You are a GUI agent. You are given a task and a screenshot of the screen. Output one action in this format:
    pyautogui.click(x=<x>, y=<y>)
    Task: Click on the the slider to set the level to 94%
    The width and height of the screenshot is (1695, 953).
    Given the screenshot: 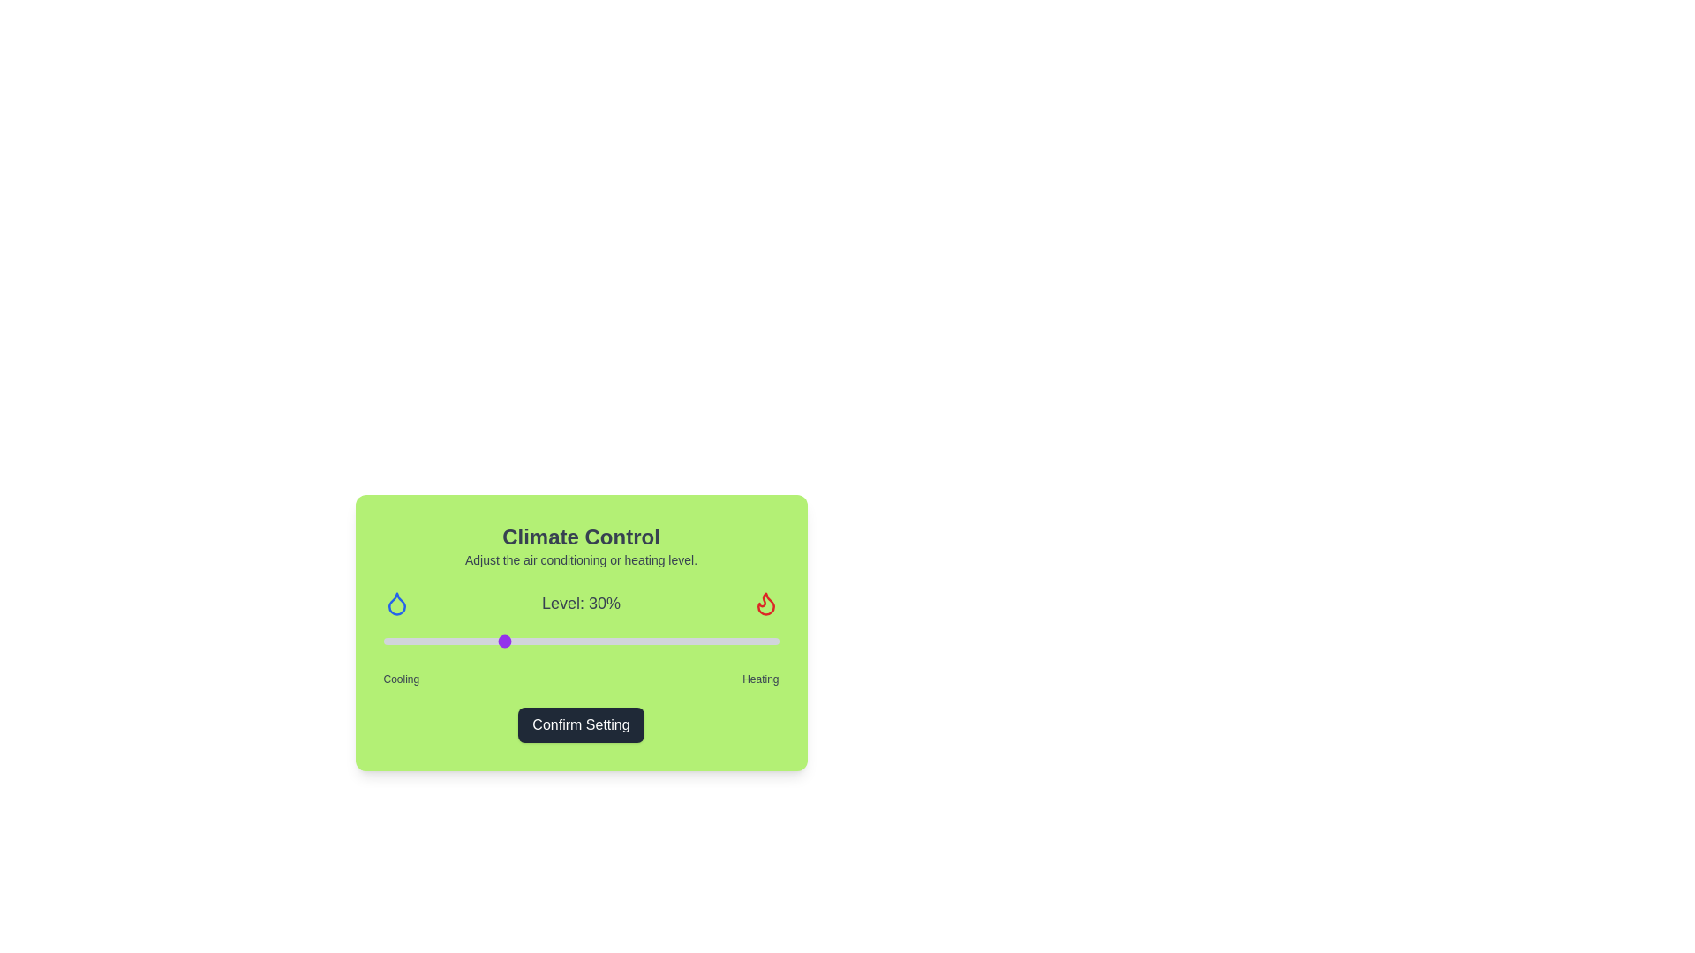 What is the action you would take?
    pyautogui.click(x=755, y=641)
    